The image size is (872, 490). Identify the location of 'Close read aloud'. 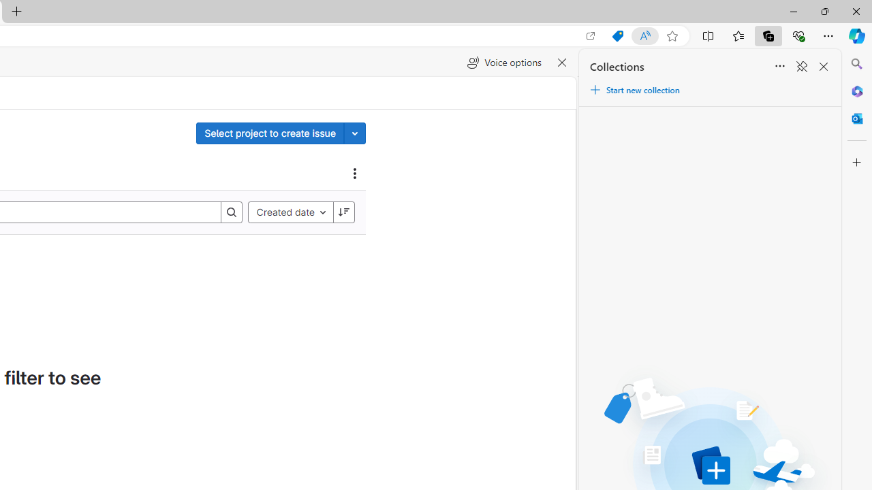
(562, 63).